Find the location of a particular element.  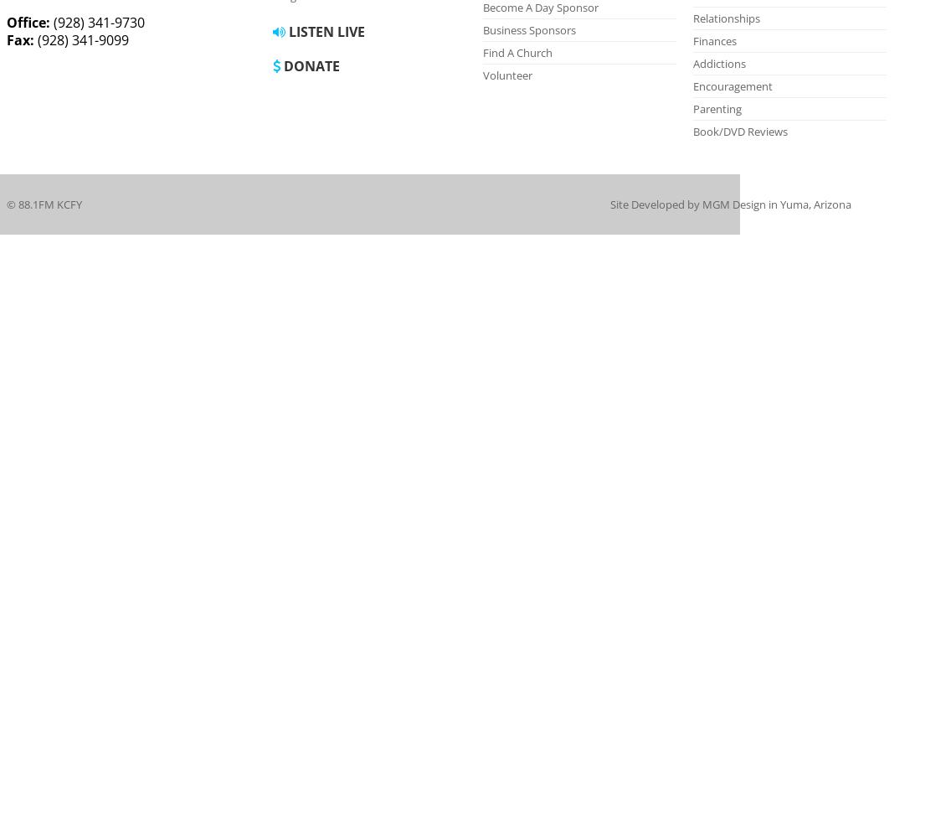

'Become A Day Sponsor' is located at coordinates (539, 8).